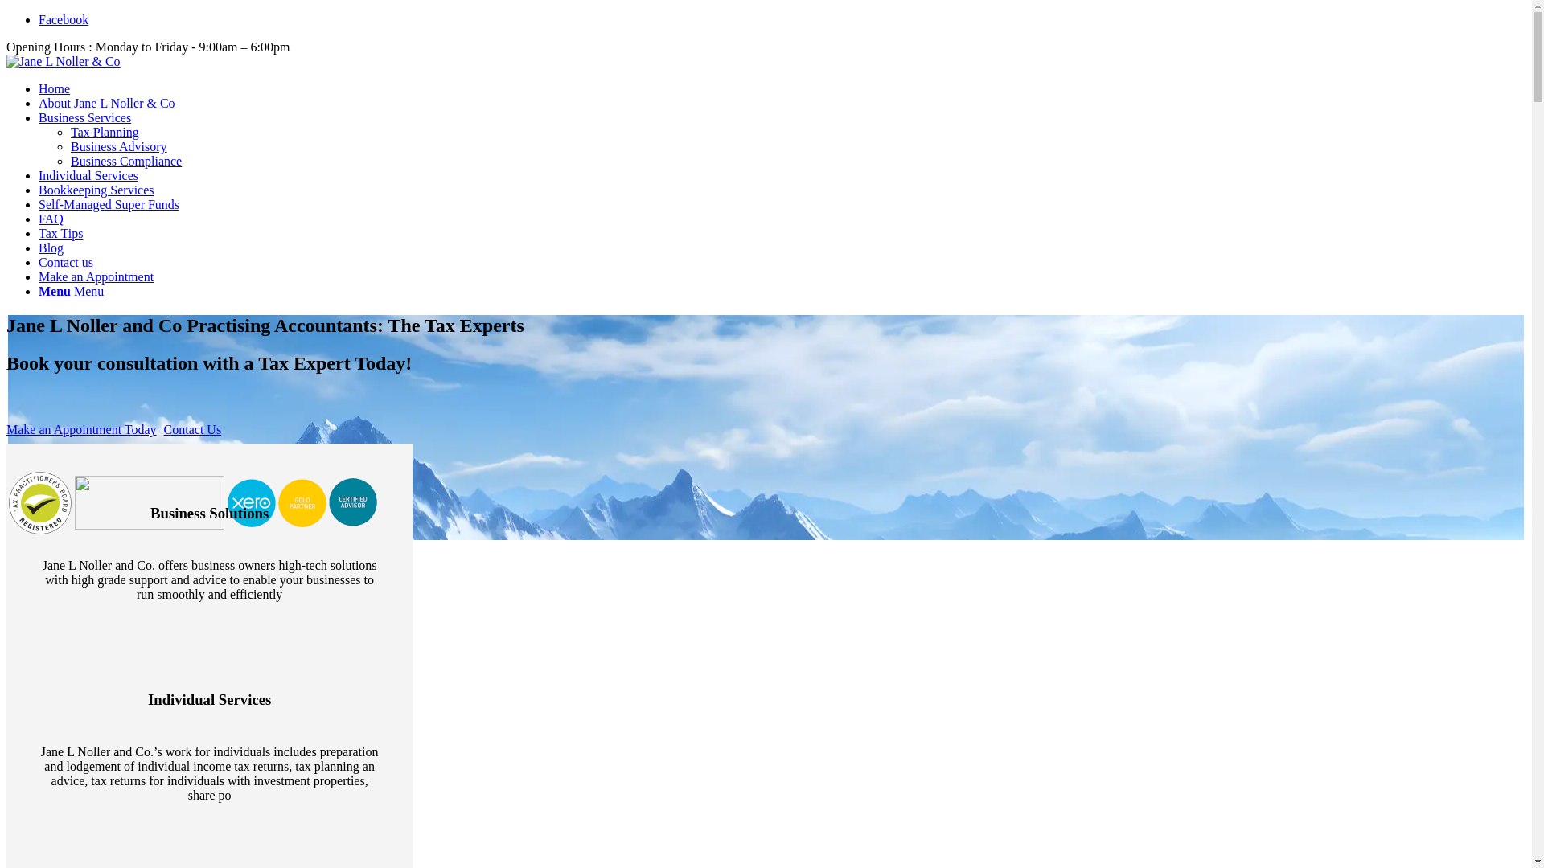 The height and width of the screenshot is (868, 1544). What do you see at coordinates (96, 189) in the screenshot?
I see `'Bookkeeping Services'` at bounding box center [96, 189].